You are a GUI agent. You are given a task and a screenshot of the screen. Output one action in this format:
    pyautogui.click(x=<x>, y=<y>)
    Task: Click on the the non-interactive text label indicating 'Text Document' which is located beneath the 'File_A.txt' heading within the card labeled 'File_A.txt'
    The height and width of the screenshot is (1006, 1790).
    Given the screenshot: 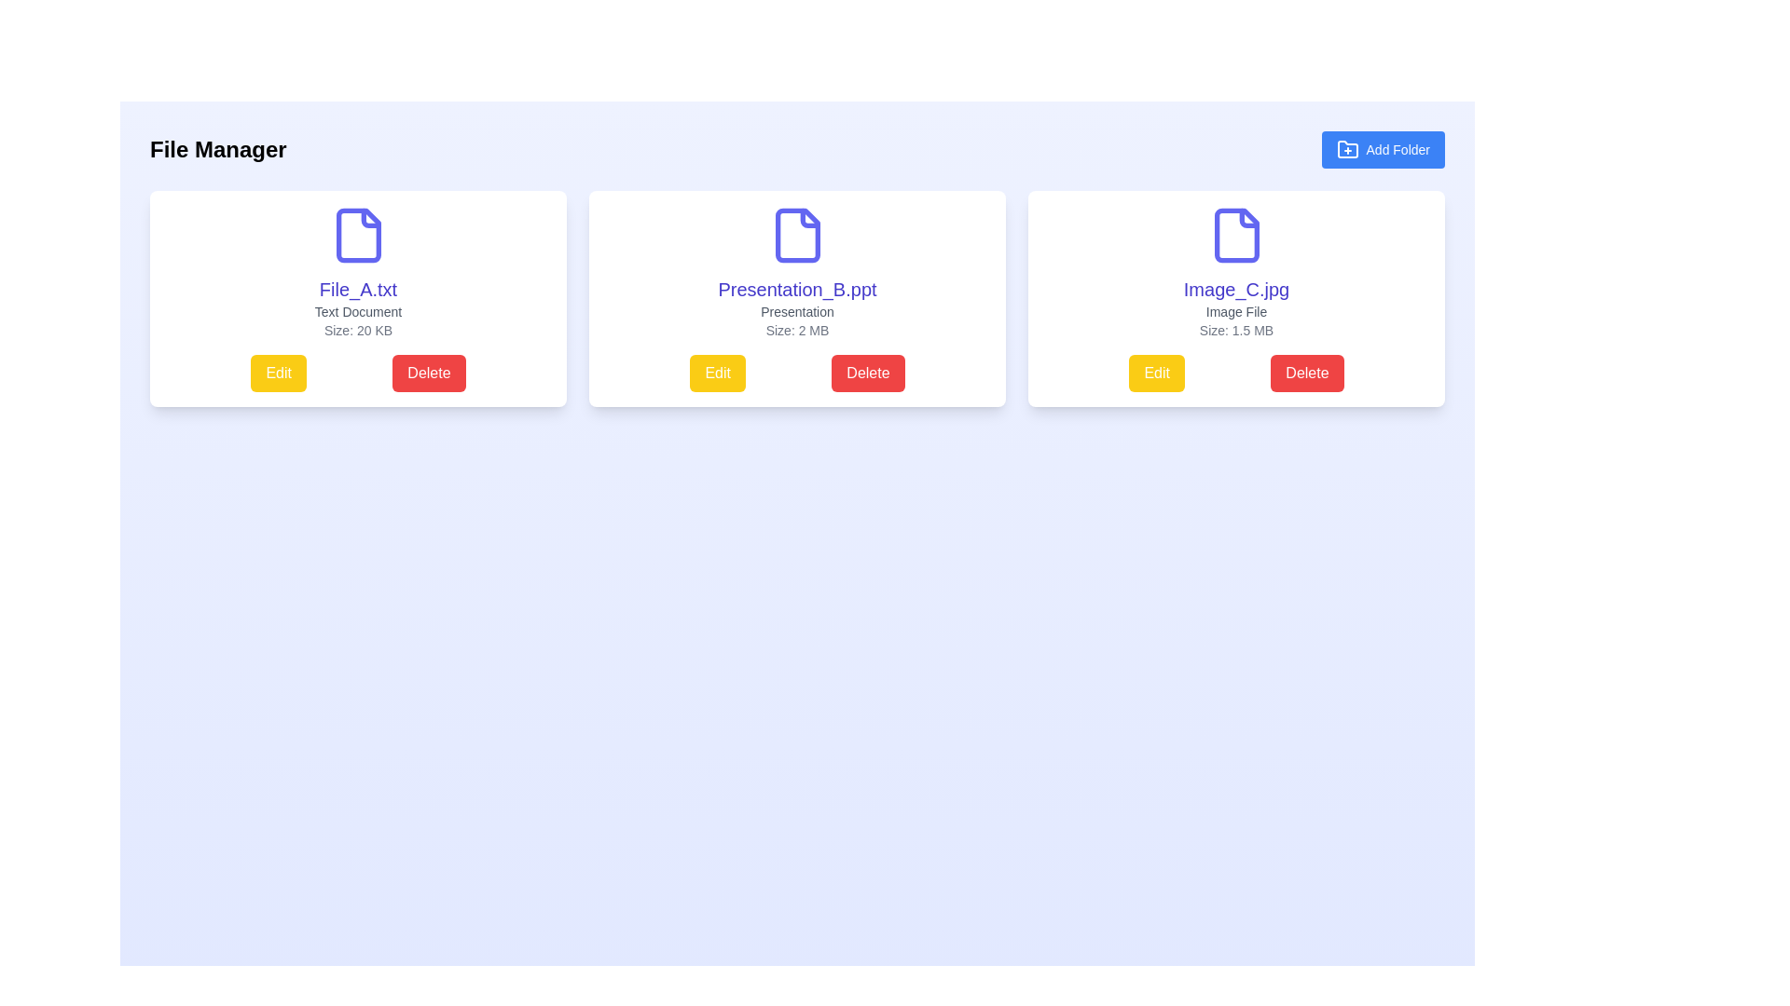 What is the action you would take?
    pyautogui.click(x=358, y=311)
    